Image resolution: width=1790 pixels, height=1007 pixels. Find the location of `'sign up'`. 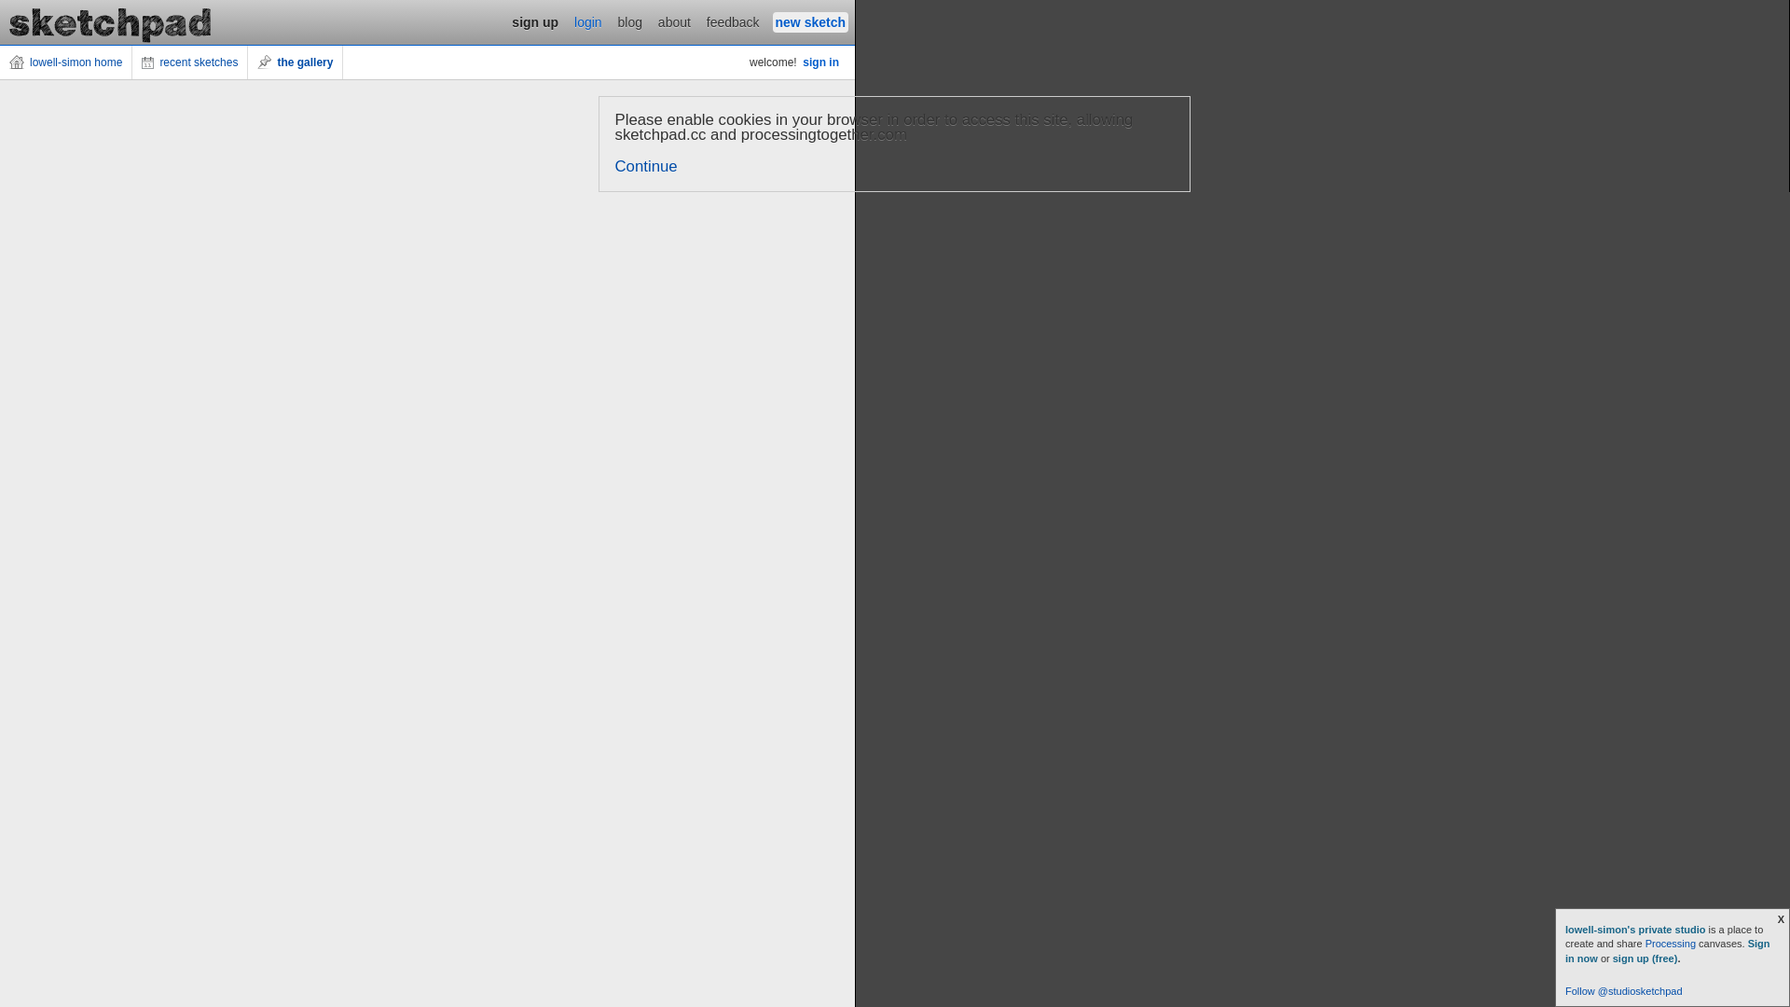

'sign up' is located at coordinates (534, 21).